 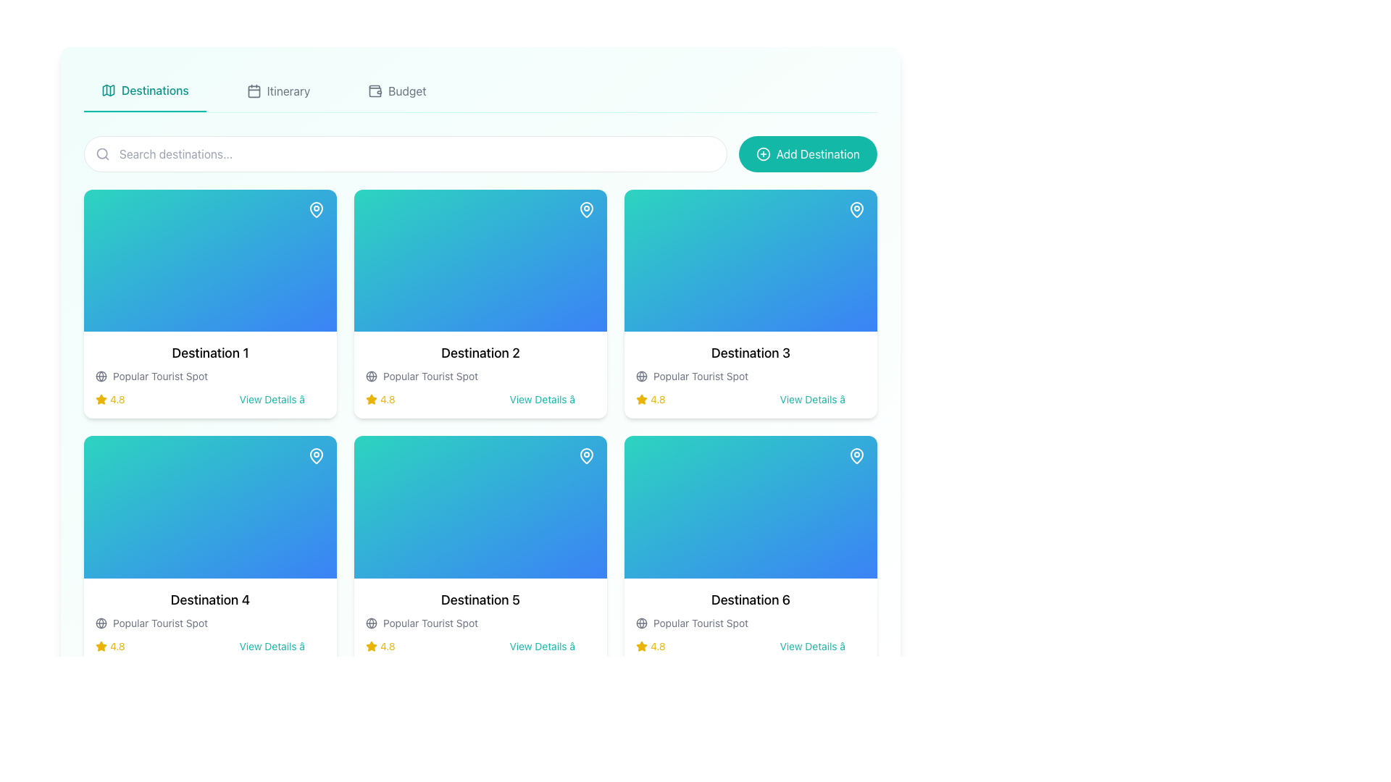 What do you see at coordinates (109, 645) in the screenshot?
I see `the Rating indicator for 'Destination 4', which visually conveys a rating value of 4.8, located in the lower portion of the card labeled 'Destination 4' under the 'Popular Tourist Spot' subtitle` at bounding box center [109, 645].